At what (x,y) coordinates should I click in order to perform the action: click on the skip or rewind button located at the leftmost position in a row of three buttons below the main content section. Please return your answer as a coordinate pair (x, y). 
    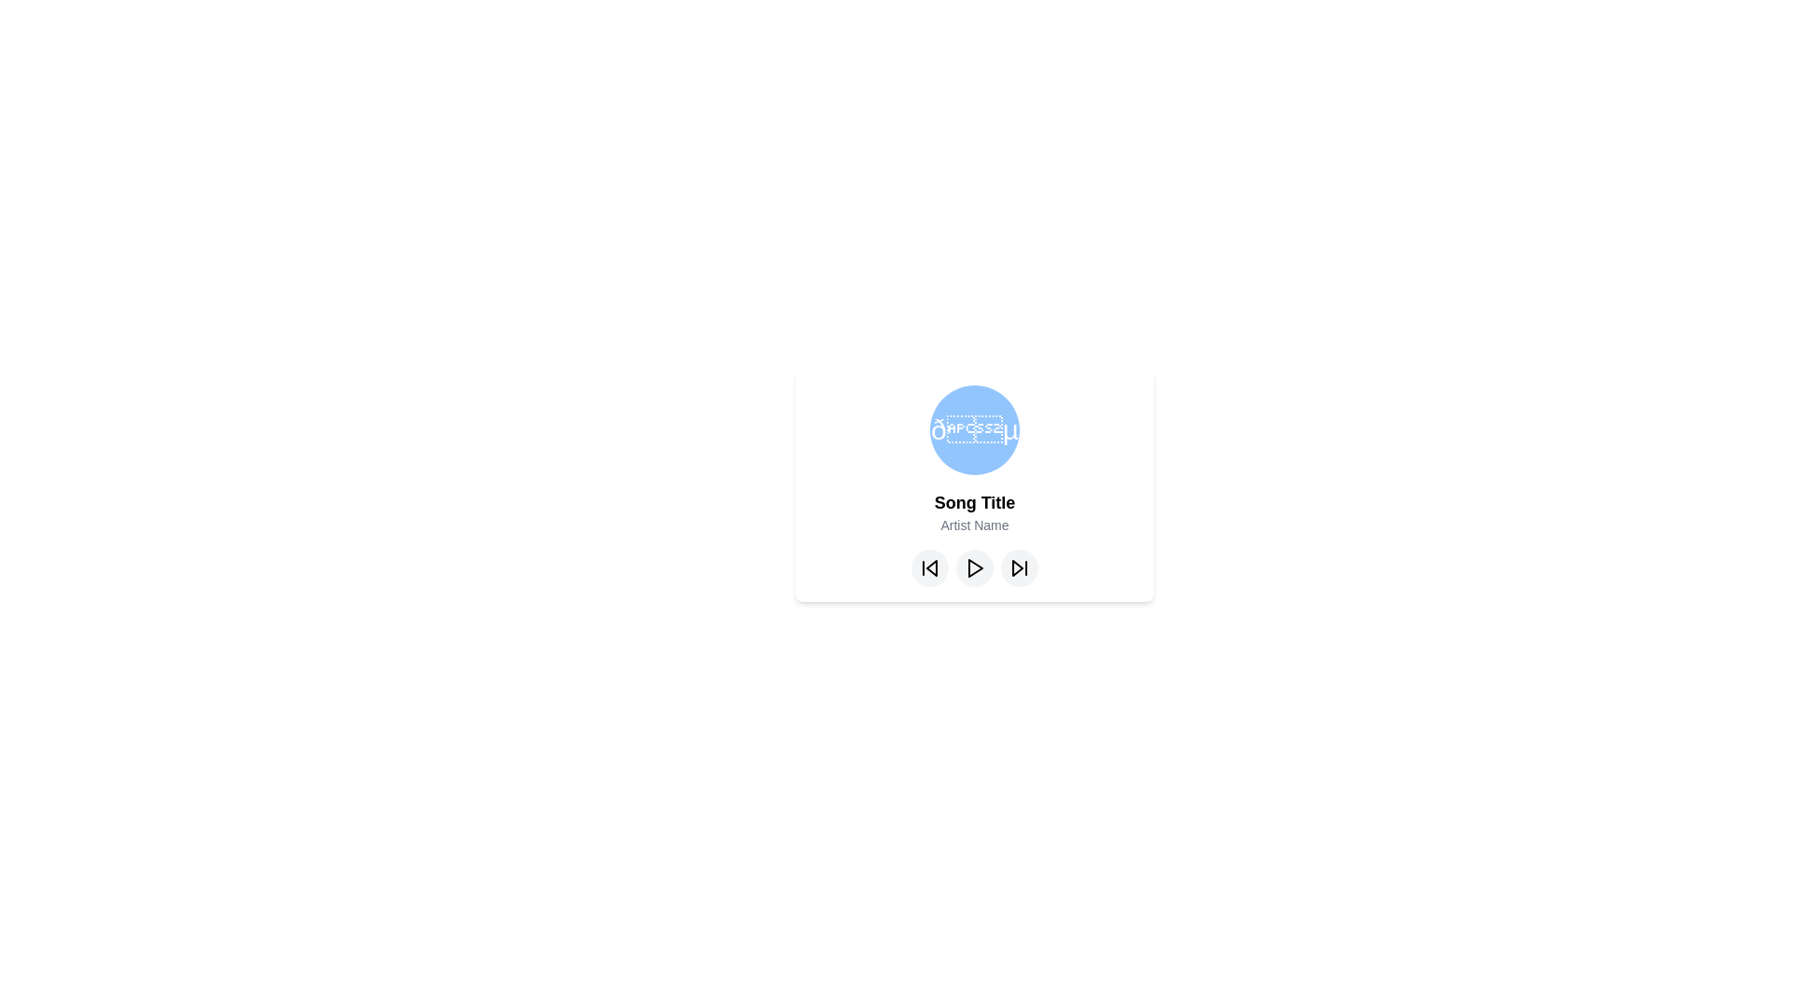
    Looking at the image, I should click on (930, 567).